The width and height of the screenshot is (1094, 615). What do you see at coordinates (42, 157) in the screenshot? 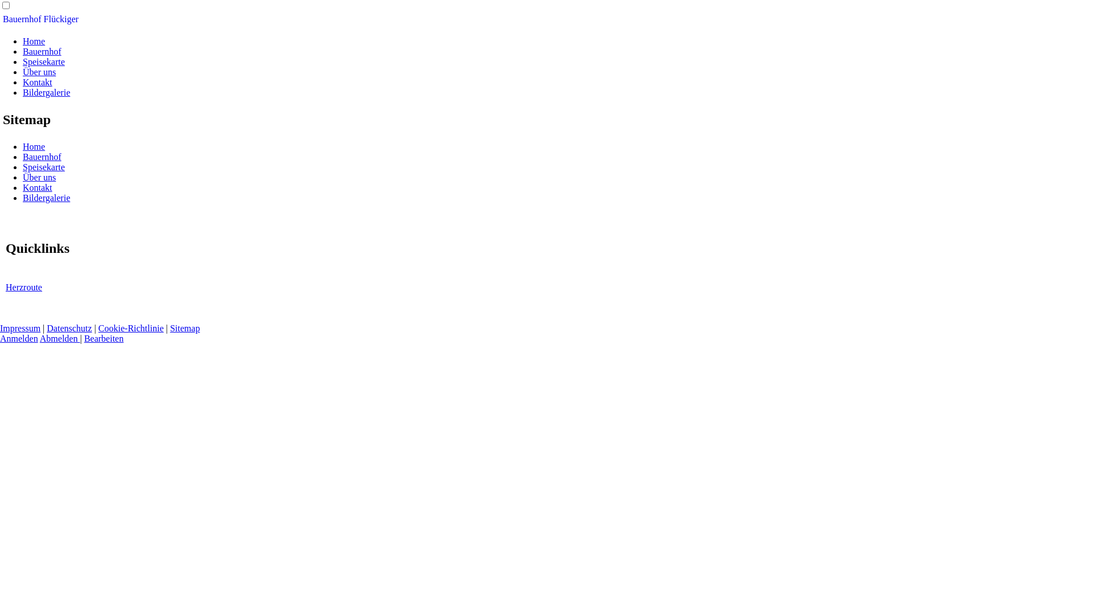
I see `'Bauernhof'` at bounding box center [42, 157].